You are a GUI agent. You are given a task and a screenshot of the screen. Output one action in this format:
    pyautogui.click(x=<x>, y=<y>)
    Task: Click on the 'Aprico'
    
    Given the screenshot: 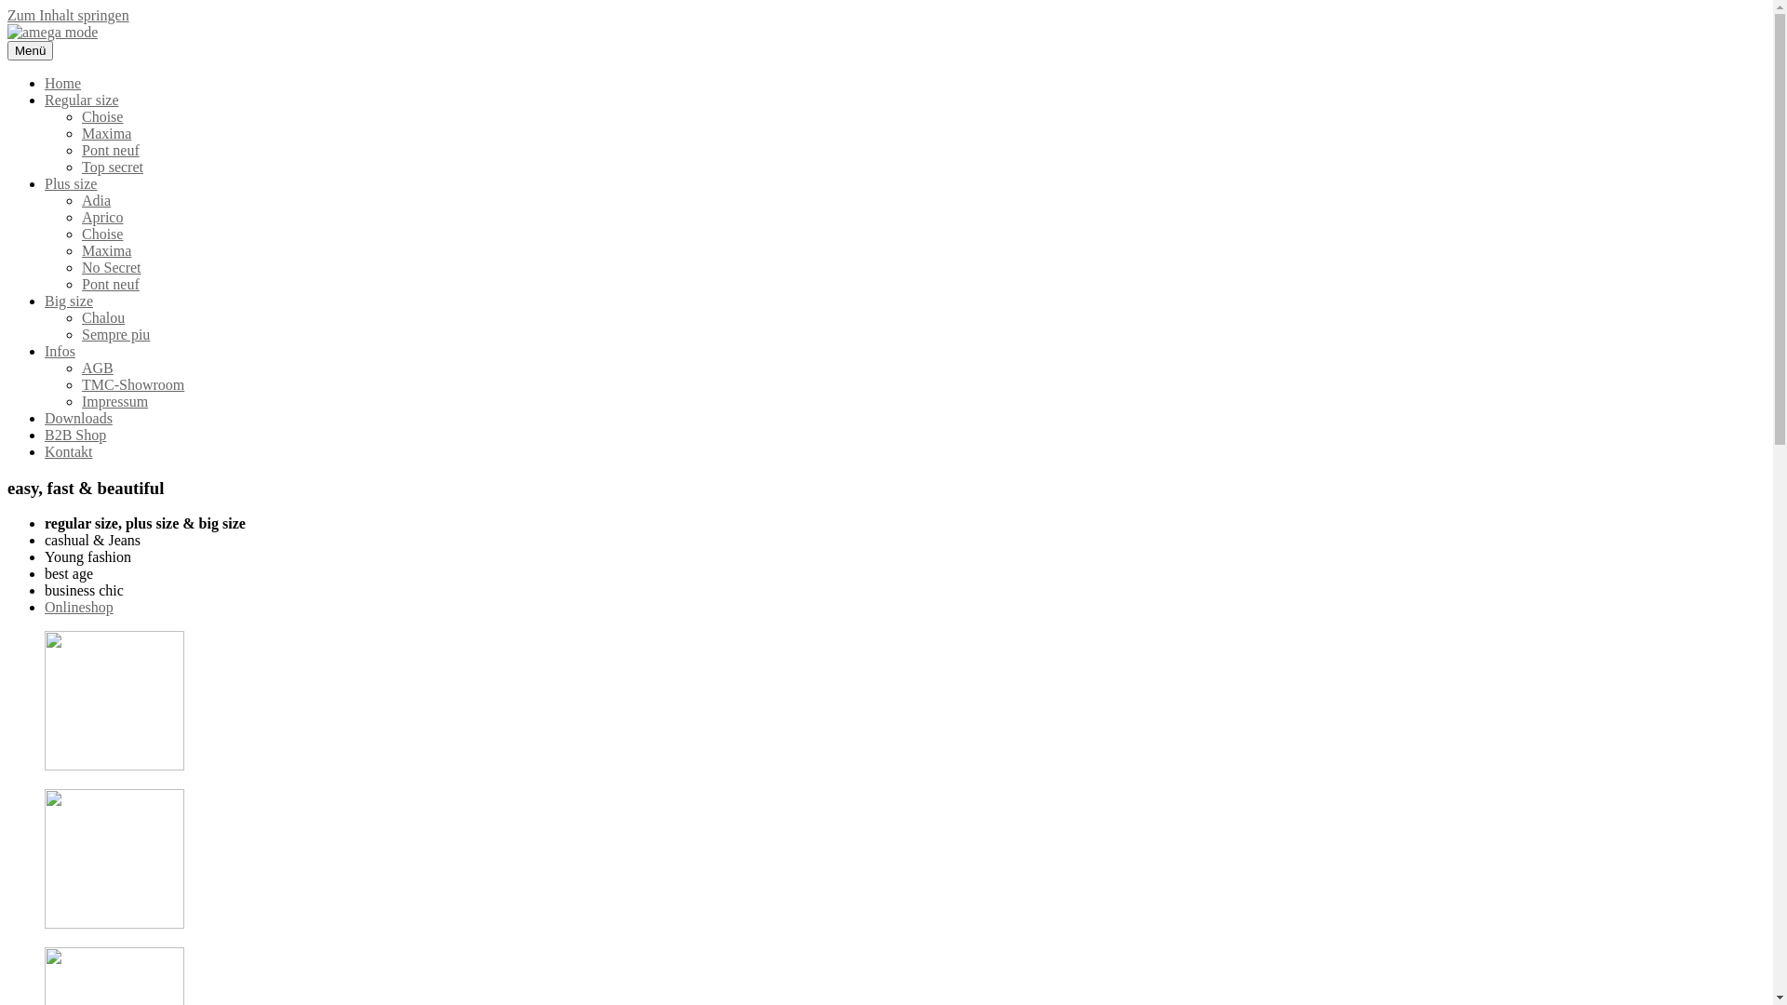 What is the action you would take?
    pyautogui.click(x=80, y=216)
    